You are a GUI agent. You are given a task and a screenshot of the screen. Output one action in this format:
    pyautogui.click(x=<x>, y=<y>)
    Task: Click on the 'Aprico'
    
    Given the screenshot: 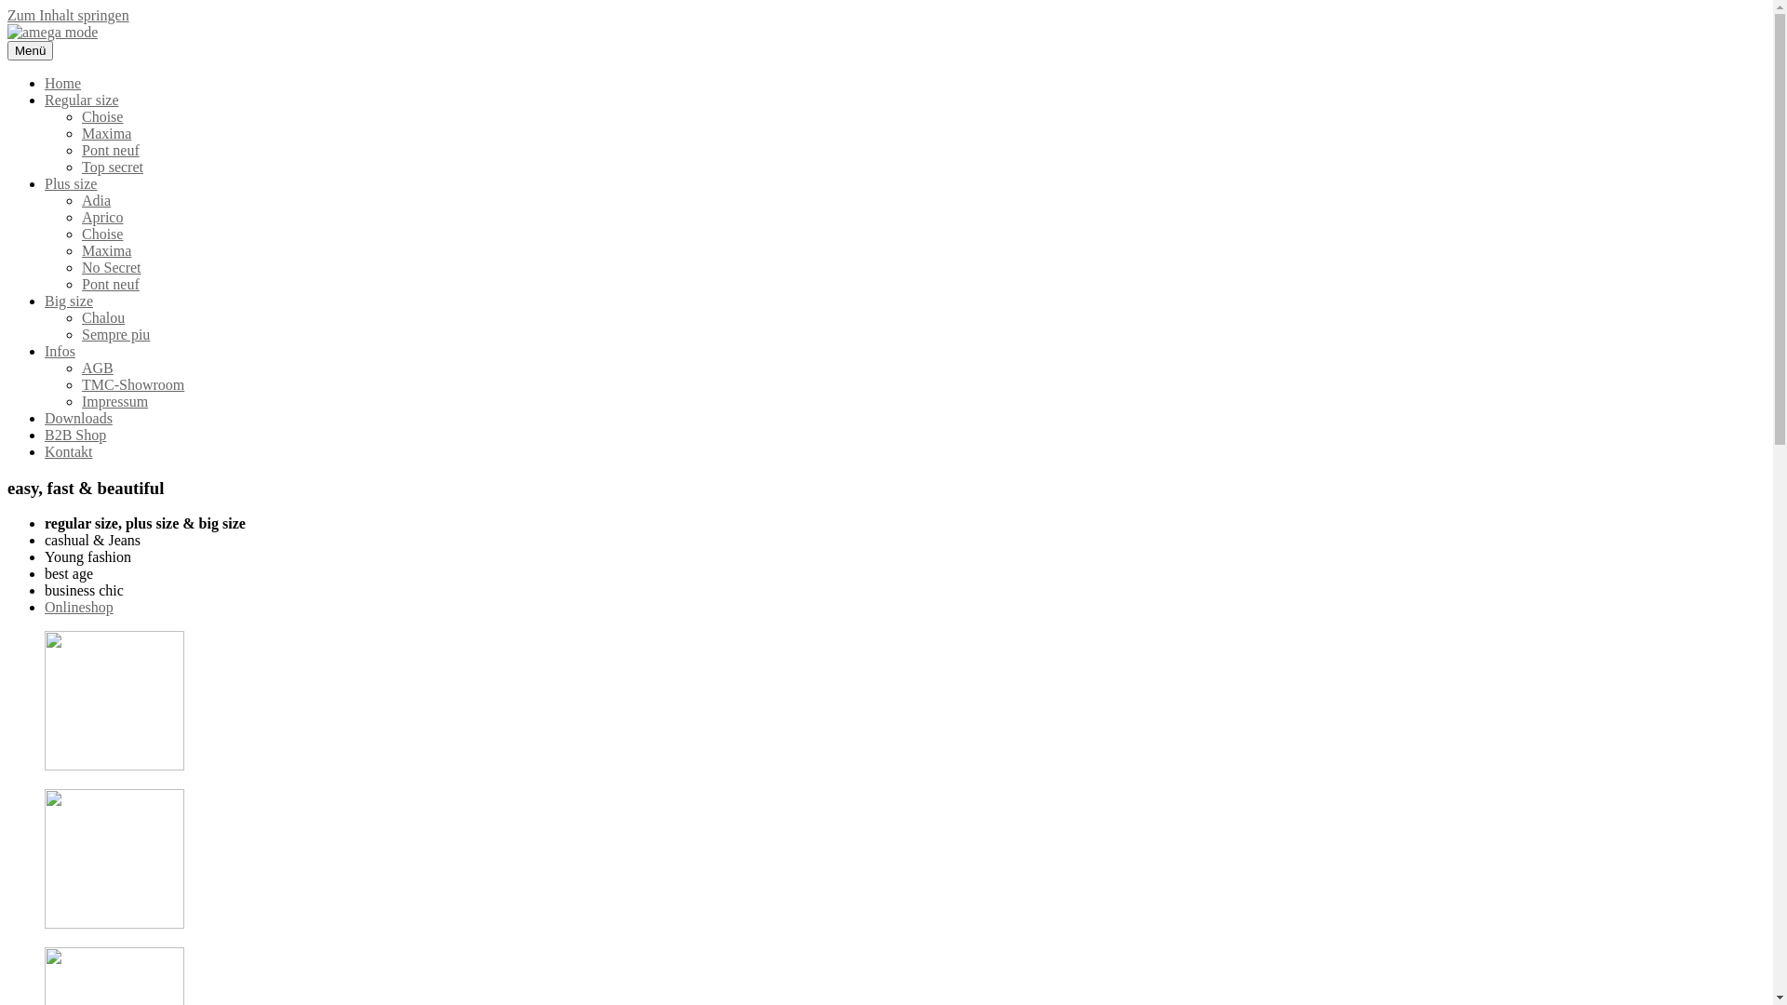 What is the action you would take?
    pyautogui.click(x=80, y=216)
    